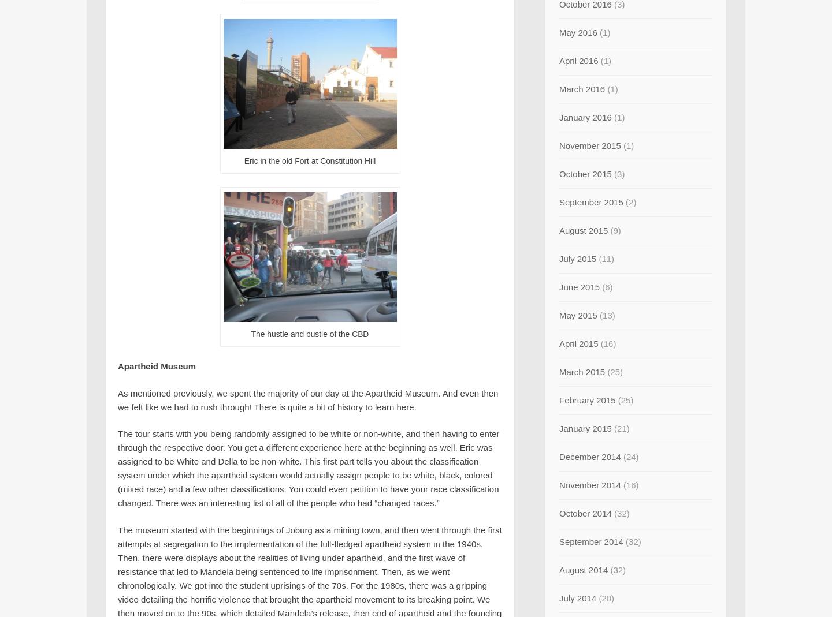 The image size is (832, 617). Describe the element at coordinates (583, 230) in the screenshot. I see `'August 2015'` at that location.